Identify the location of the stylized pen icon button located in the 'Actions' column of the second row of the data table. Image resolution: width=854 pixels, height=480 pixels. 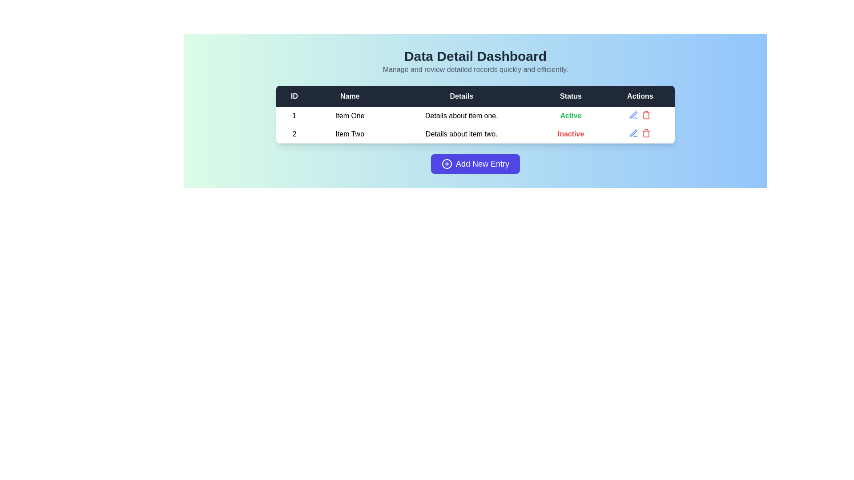
(633, 114).